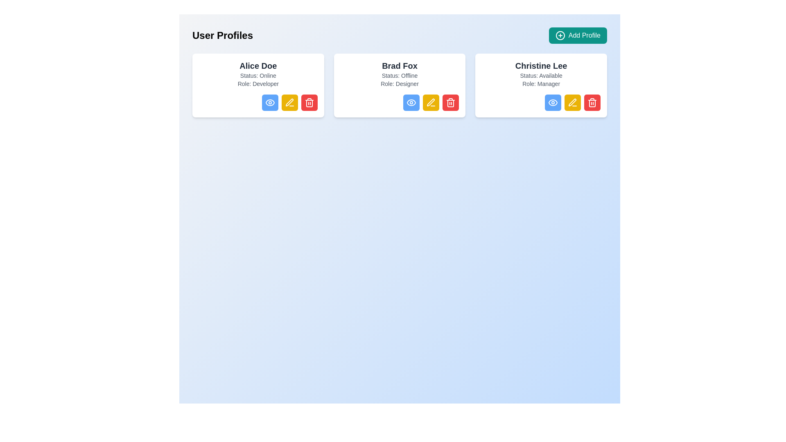 Image resolution: width=786 pixels, height=442 pixels. Describe the element at coordinates (257, 85) in the screenshot. I see `the leftmost informational card in the grid layout, which has a white background and contains three rounded buttons` at that location.